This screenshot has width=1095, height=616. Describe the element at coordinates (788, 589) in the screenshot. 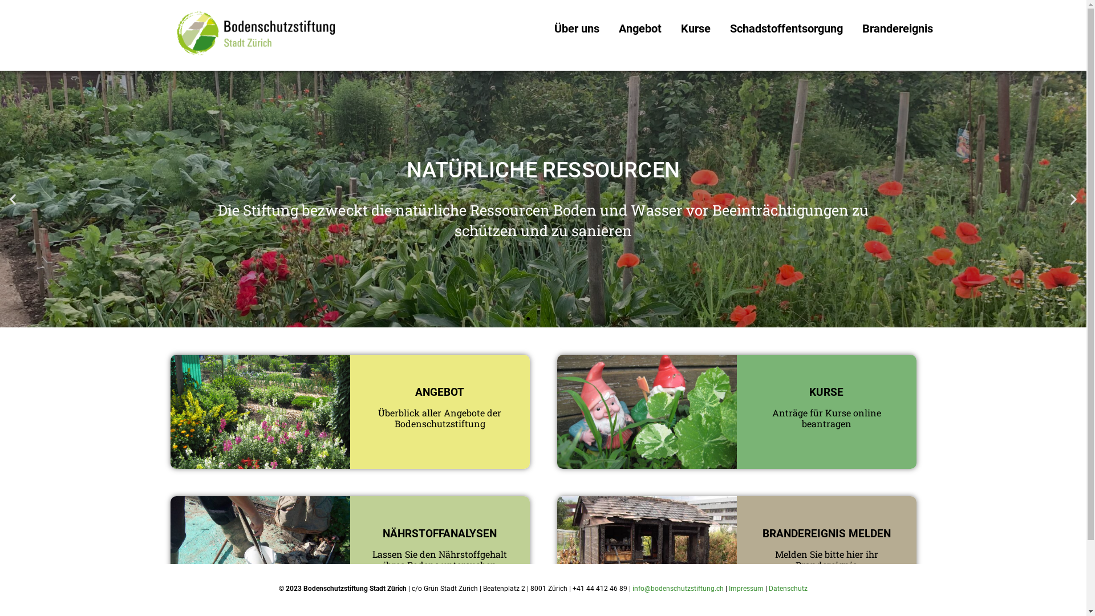

I see `'Datenschutz'` at that location.